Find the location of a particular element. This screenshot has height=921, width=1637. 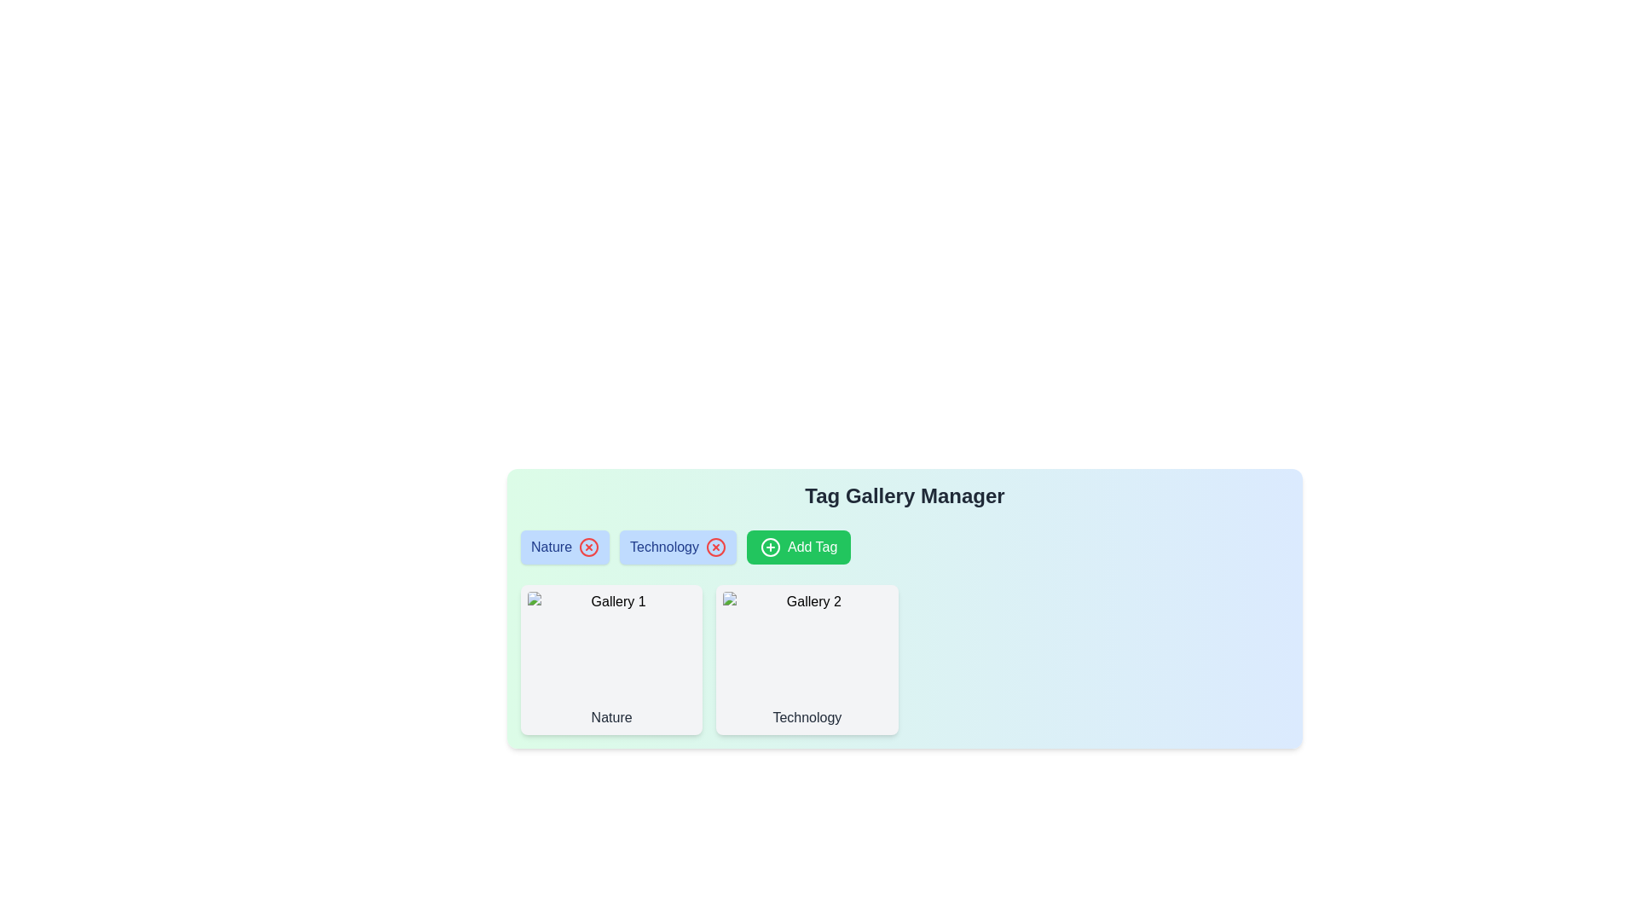

the button used to add a new tag or category, located immediately to the right of the 'Technology' tag in the tag list is located at coordinates (798, 547).